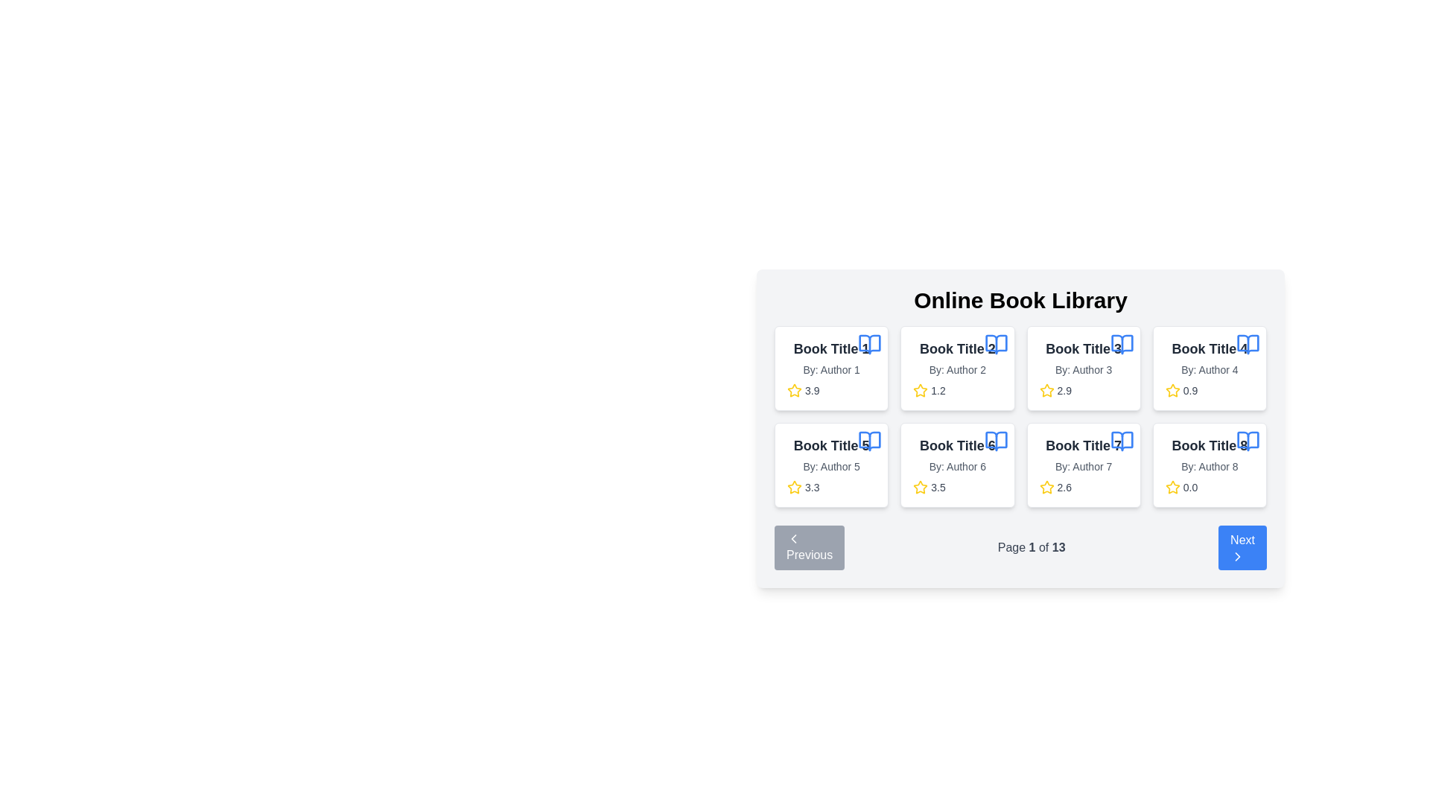 This screenshot has height=804, width=1430. I want to click on the star-shaped SVG graphic filled with yellow color, which resembles a rating icon, located in the bottom-right corner of the book's metadata card under 'Book Title 8.', so click(1172, 488).